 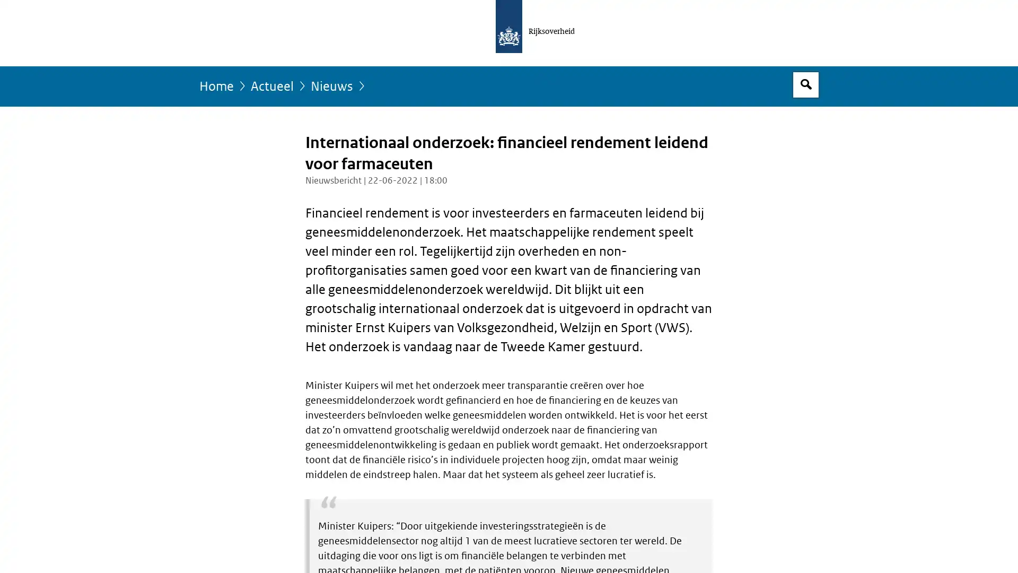 I want to click on Open zoekveld, so click(x=806, y=84).